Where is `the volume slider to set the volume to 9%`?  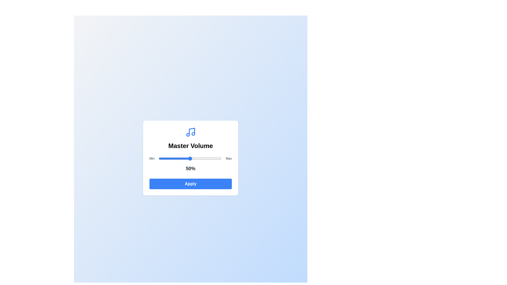 the volume slider to set the volume to 9% is located at coordinates (164, 158).